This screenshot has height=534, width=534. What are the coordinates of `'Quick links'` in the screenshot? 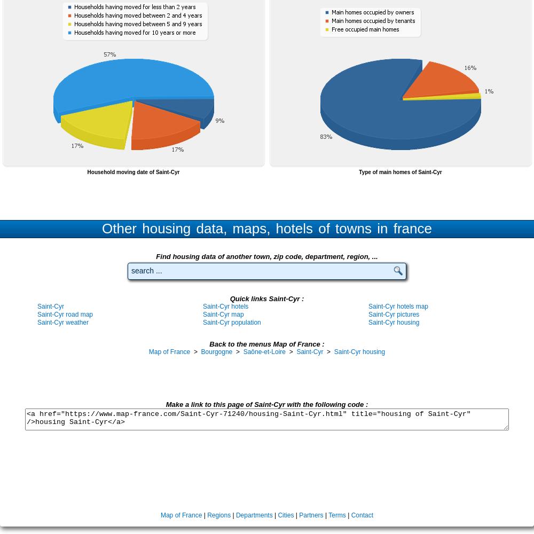 It's located at (248, 299).